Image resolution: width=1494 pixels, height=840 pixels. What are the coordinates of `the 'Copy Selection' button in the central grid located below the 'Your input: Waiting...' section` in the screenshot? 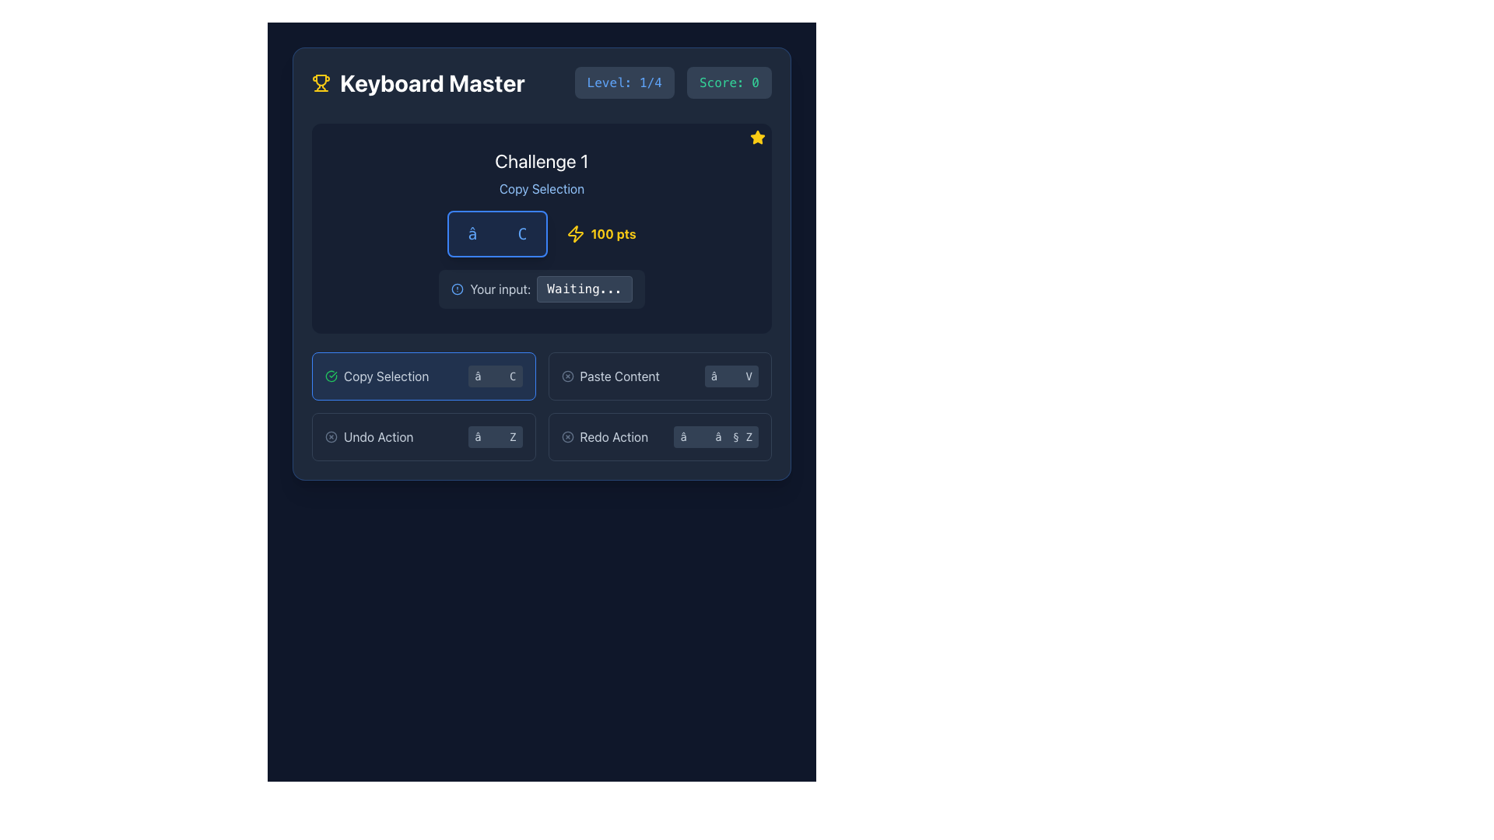 It's located at (542, 406).